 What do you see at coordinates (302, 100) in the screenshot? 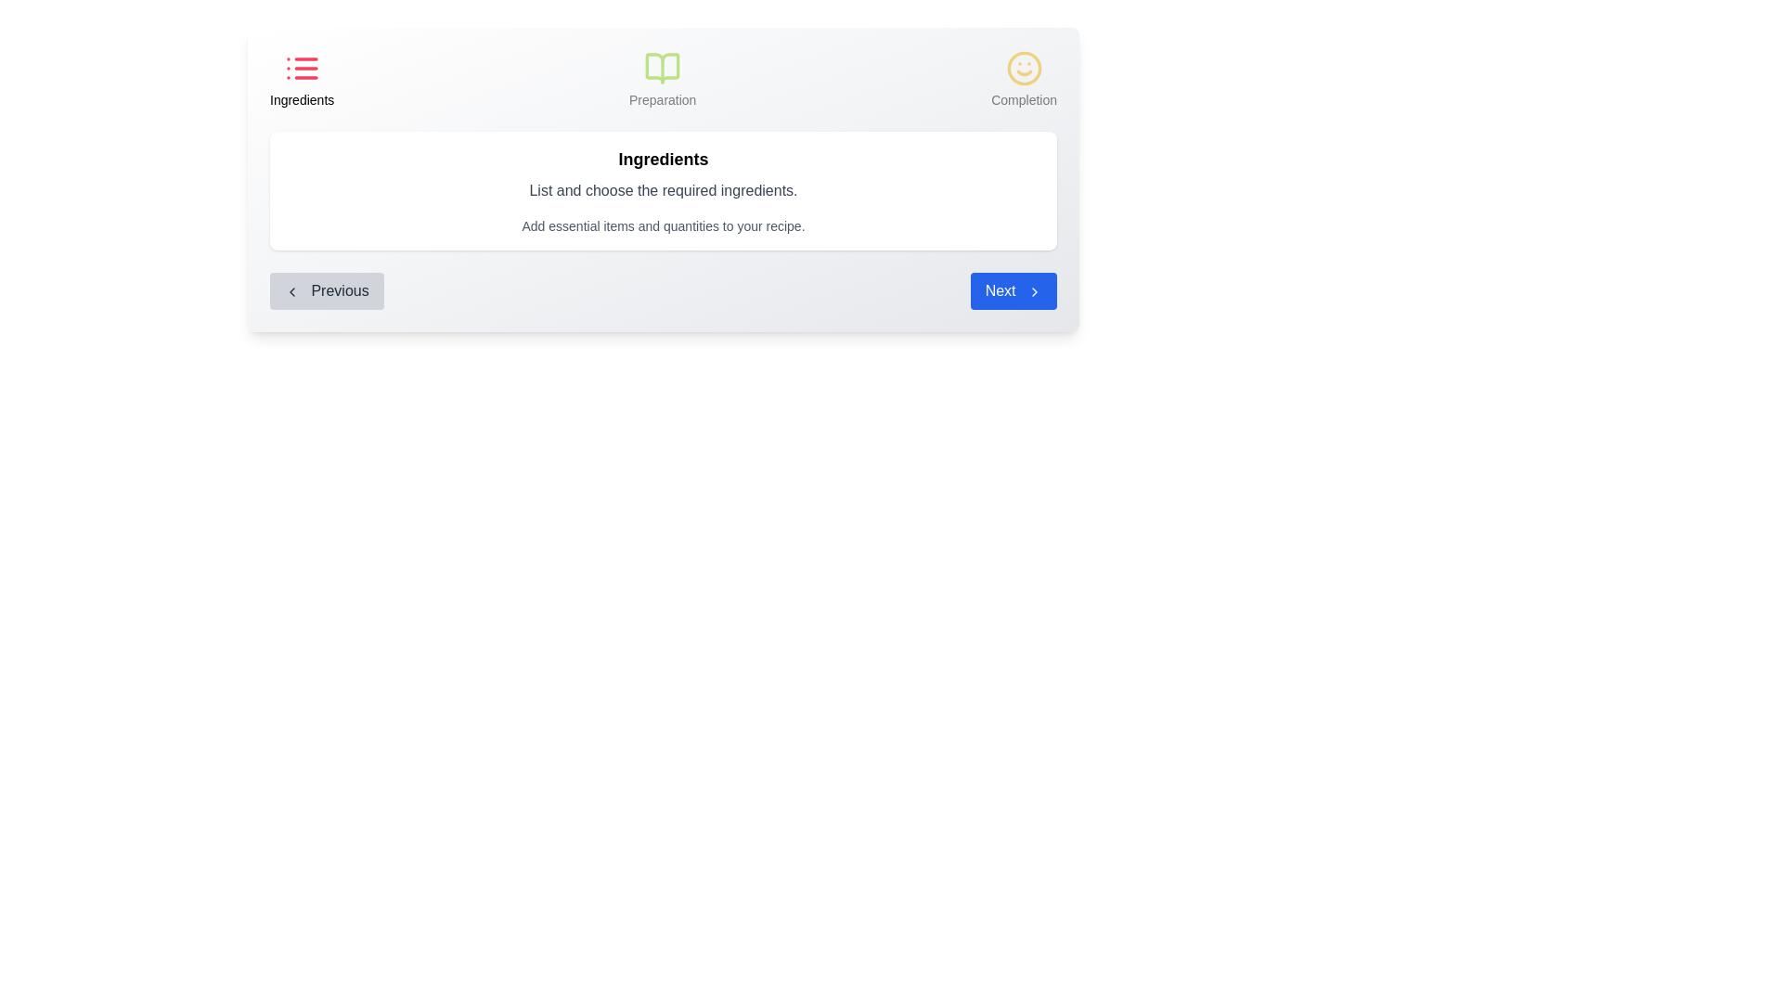
I see `text label displaying 'Ingredients' located below the list icon in the top-left corner of the interface` at bounding box center [302, 100].